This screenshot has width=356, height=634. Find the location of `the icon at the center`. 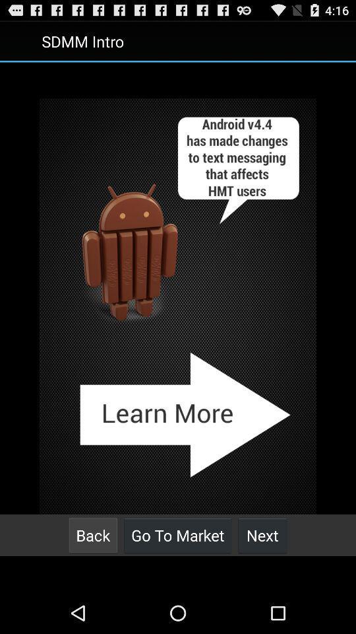

the icon at the center is located at coordinates (178, 306).